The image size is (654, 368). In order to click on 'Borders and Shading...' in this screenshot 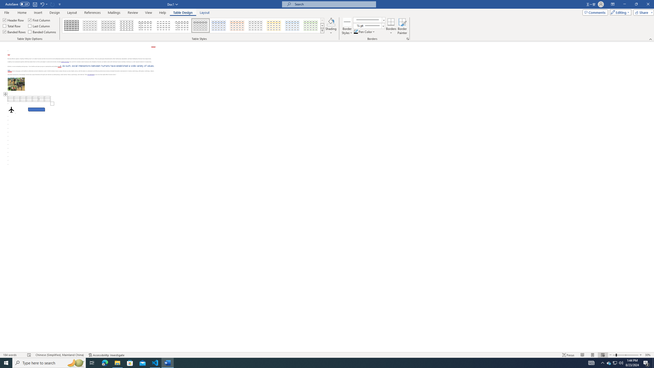, I will do `click(407, 38)`.